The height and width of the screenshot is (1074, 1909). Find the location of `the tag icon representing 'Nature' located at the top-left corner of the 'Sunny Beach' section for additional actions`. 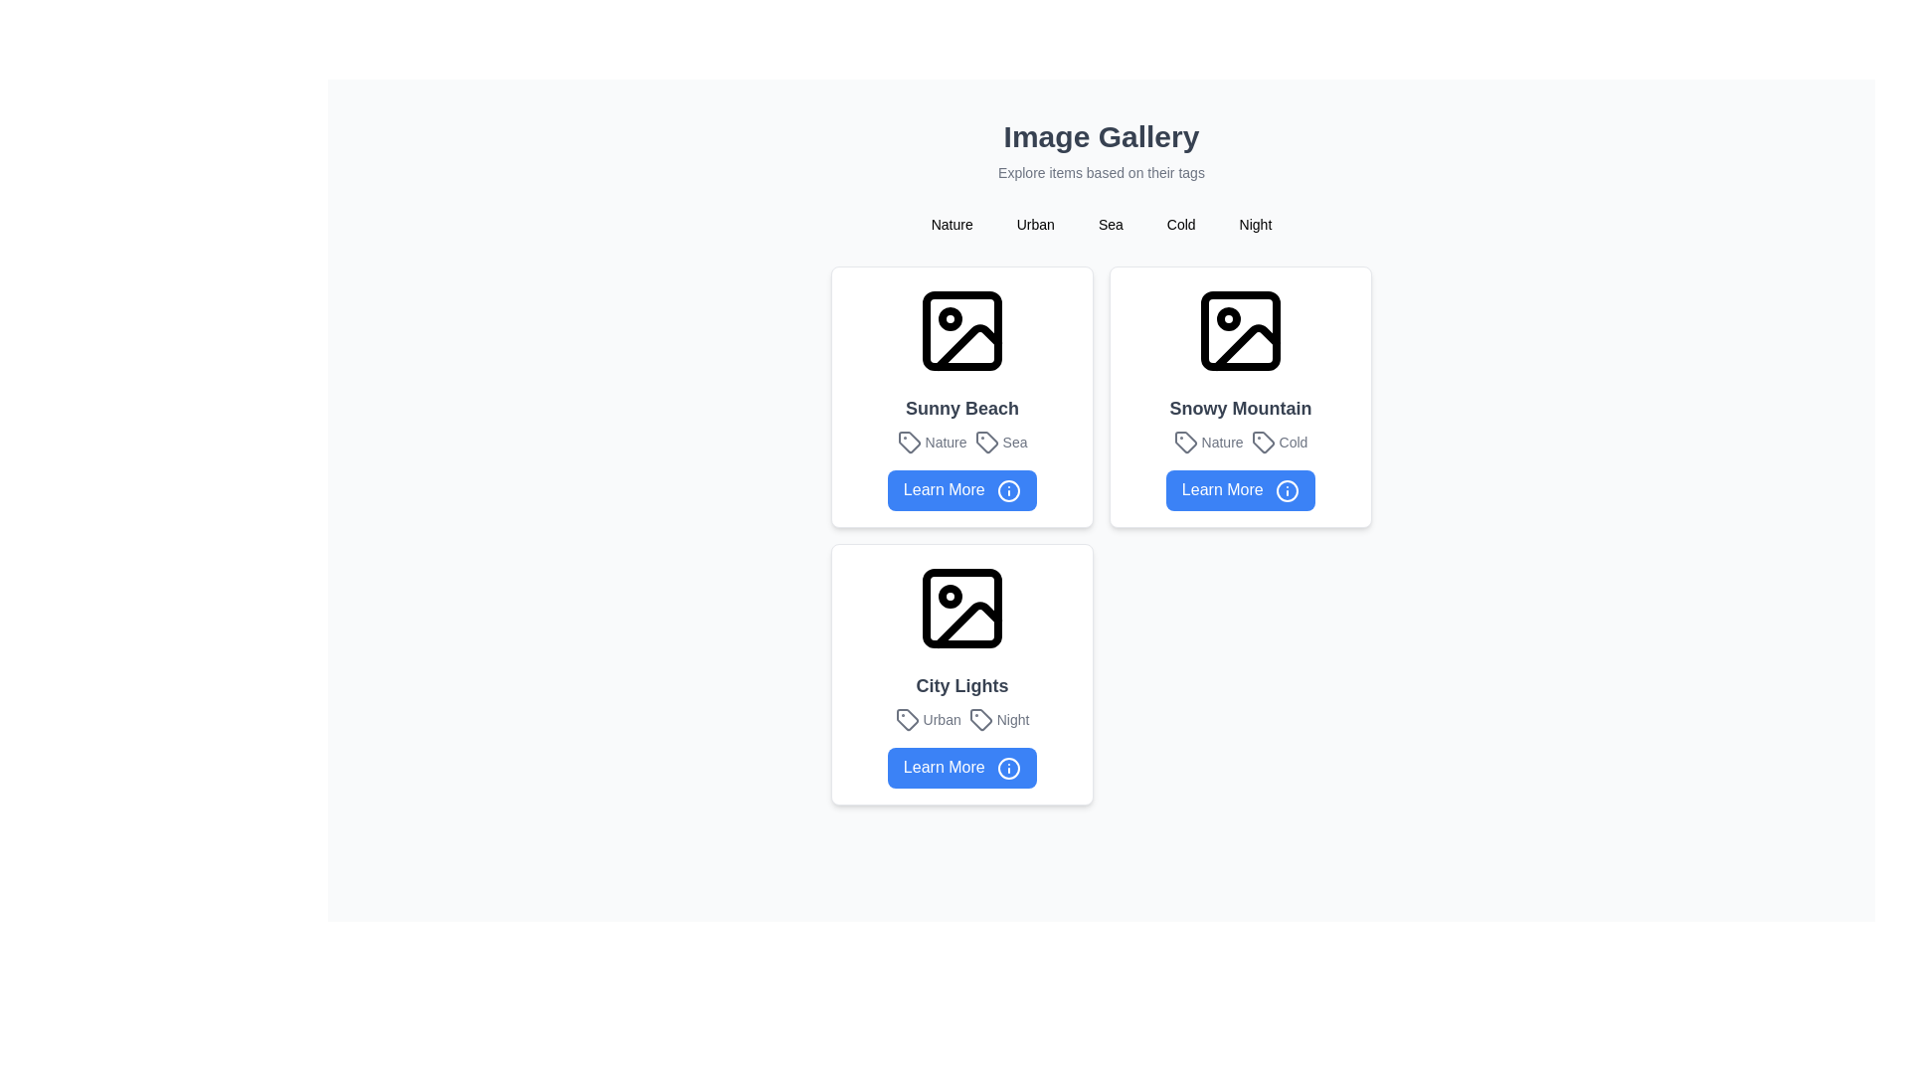

the tag icon representing 'Nature' located at the top-left corner of the 'Sunny Beach' section for additional actions is located at coordinates (908, 441).